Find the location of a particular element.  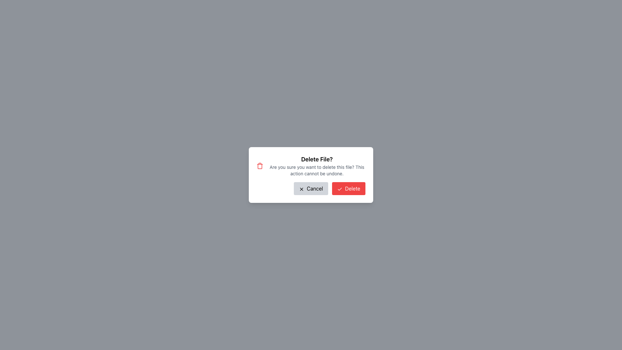

informational text section in the modal dialog that warns about the irreversibility of deleting a file is located at coordinates (311, 166).